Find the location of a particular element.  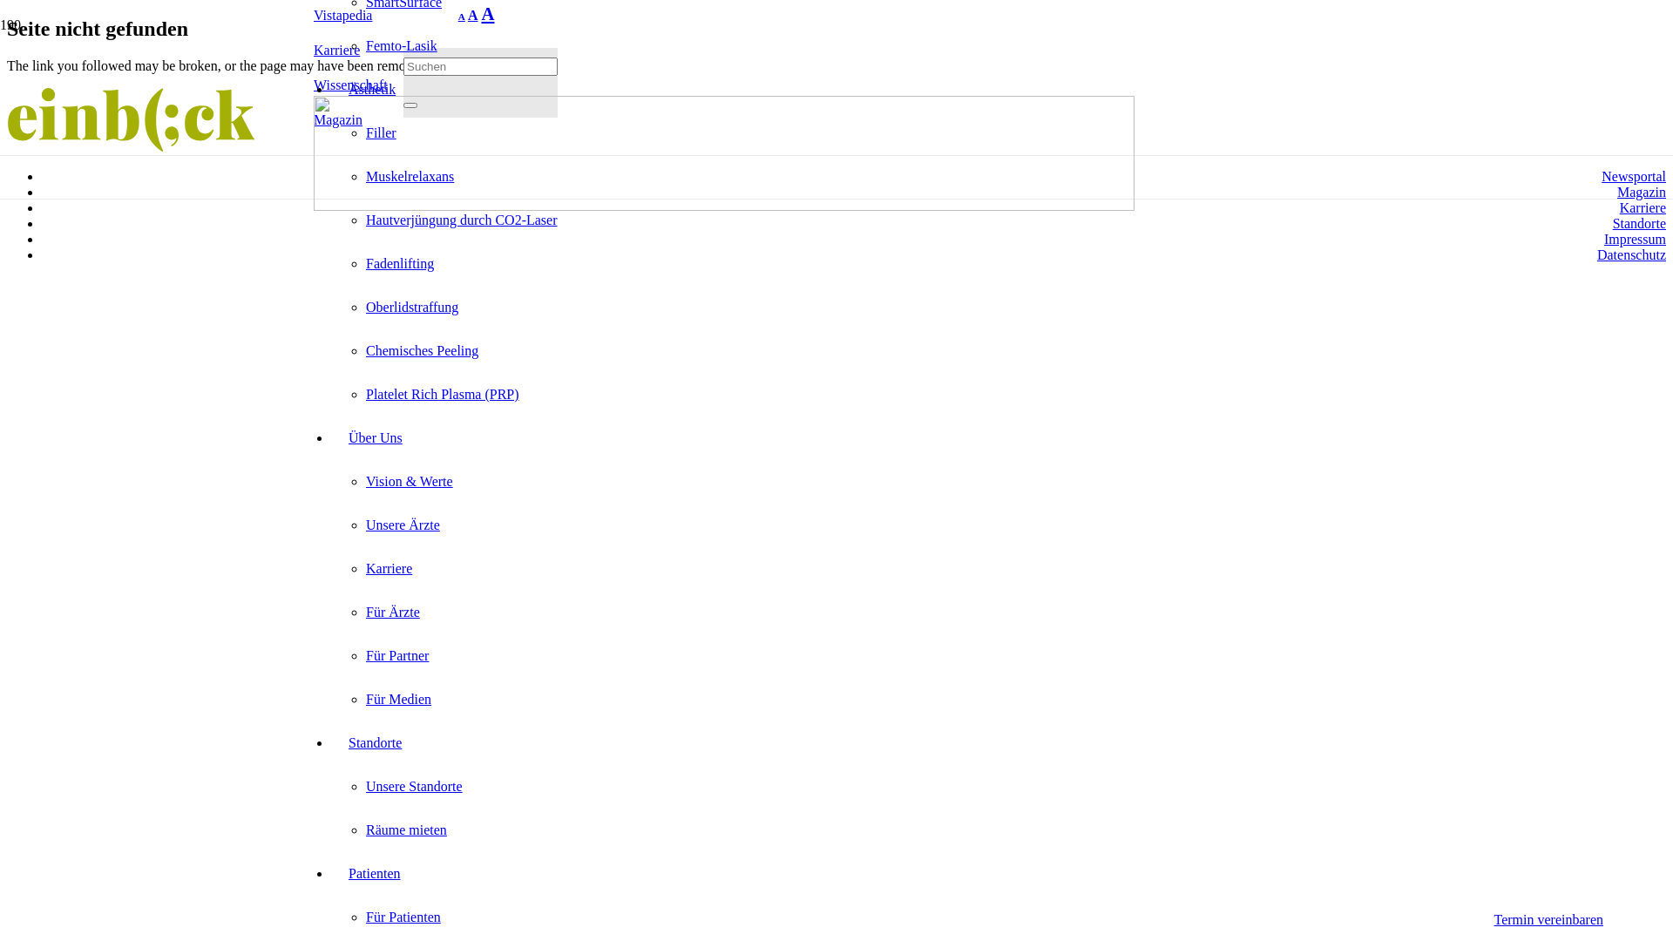

'A' is located at coordinates (458, 17).